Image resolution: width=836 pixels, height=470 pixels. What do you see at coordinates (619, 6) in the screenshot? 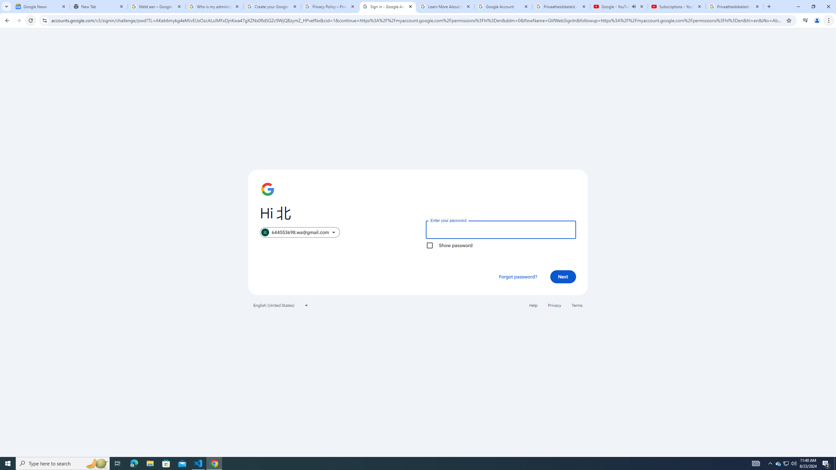
I see `'Google - YouTube - Audio playing'` at bounding box center [619, 6].